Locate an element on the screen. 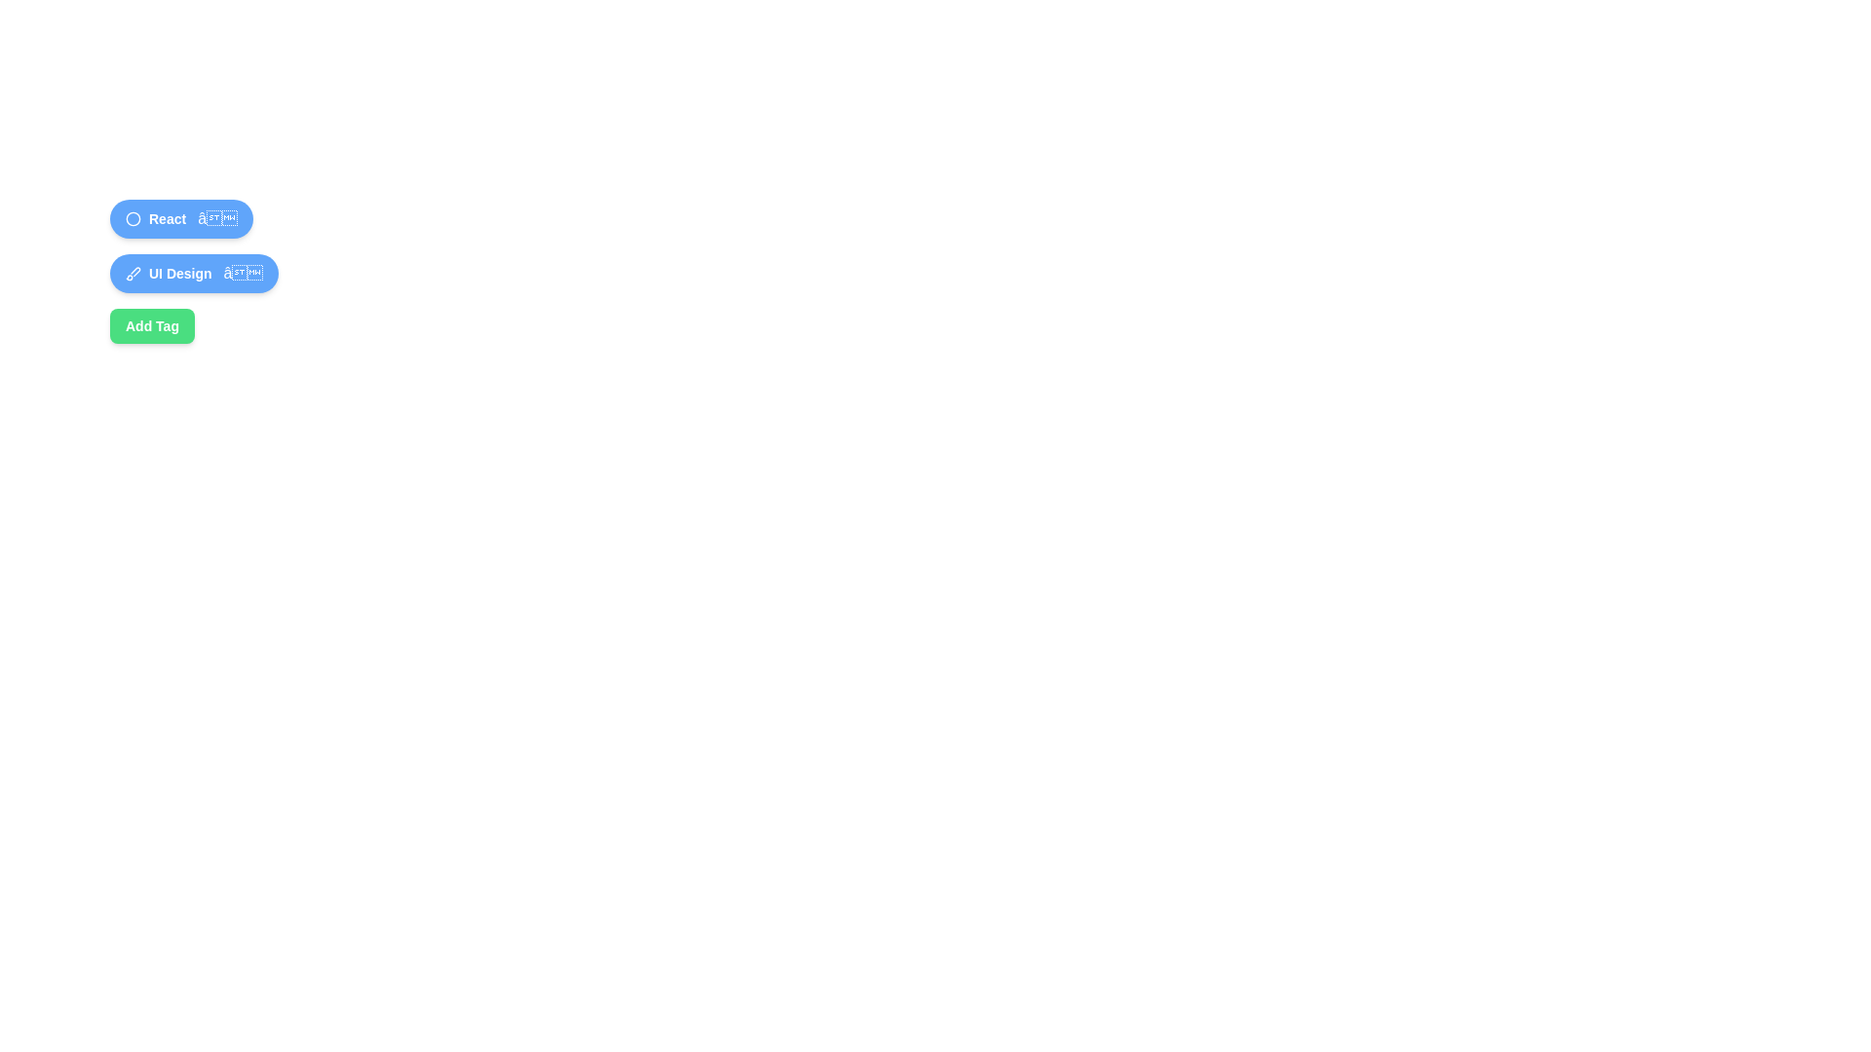 The image size is (1871, 1052). the remove button of the chip labeled UI Design is located at coordinates (242, 274).